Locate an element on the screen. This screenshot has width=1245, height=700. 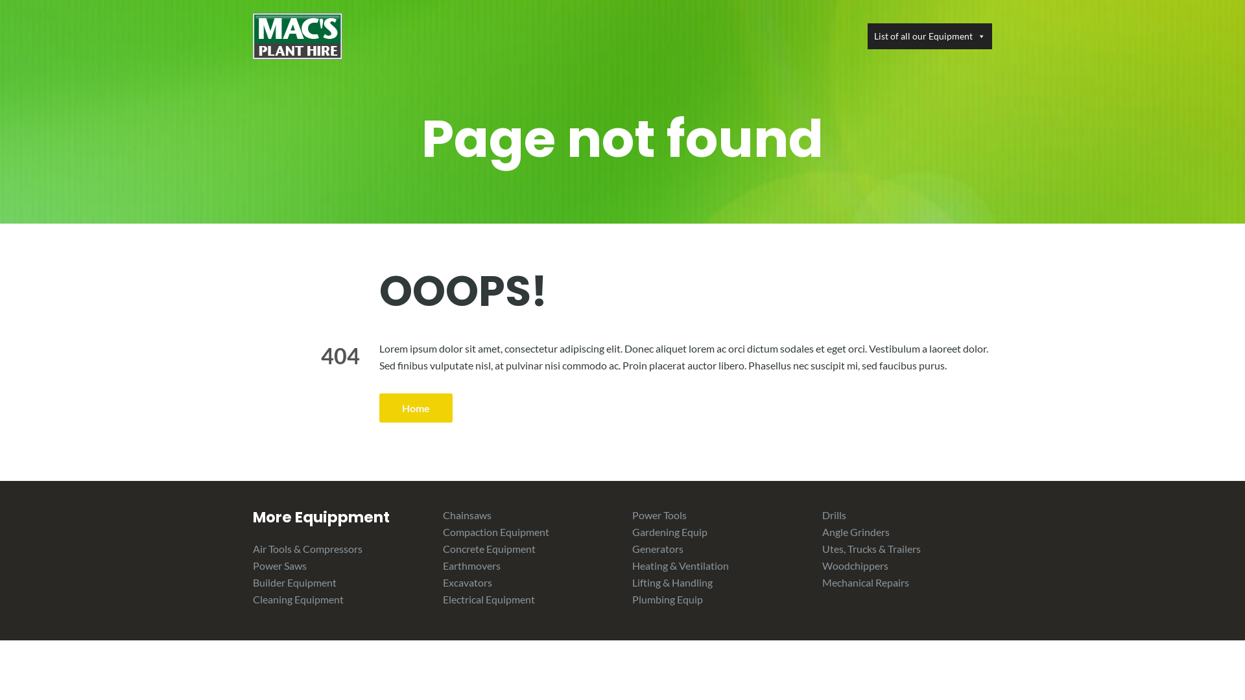
'Drills' is located at coordinates (834, 514).